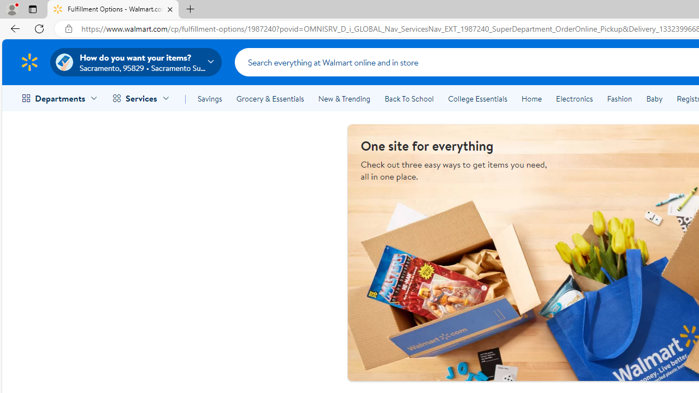  Describe the element at coordinates (113, 9) in the screenshot. I see `'Fulfillment Options - Walmart.com'` at that location.